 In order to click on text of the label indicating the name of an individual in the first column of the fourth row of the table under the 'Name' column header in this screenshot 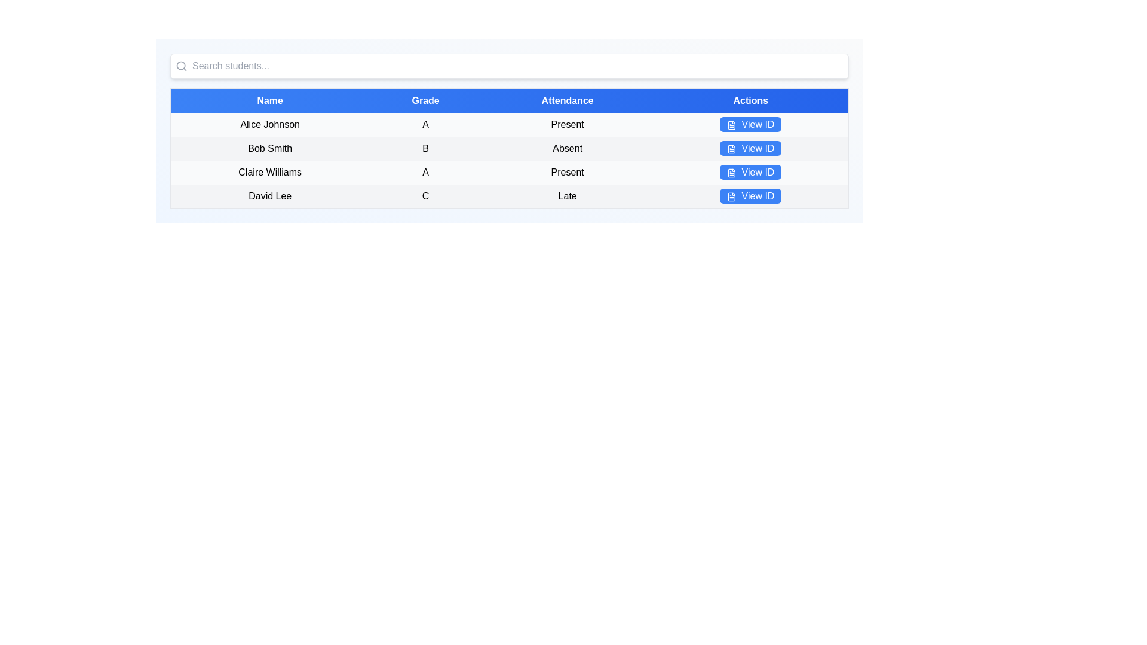, I will do `click(269, 196)`.